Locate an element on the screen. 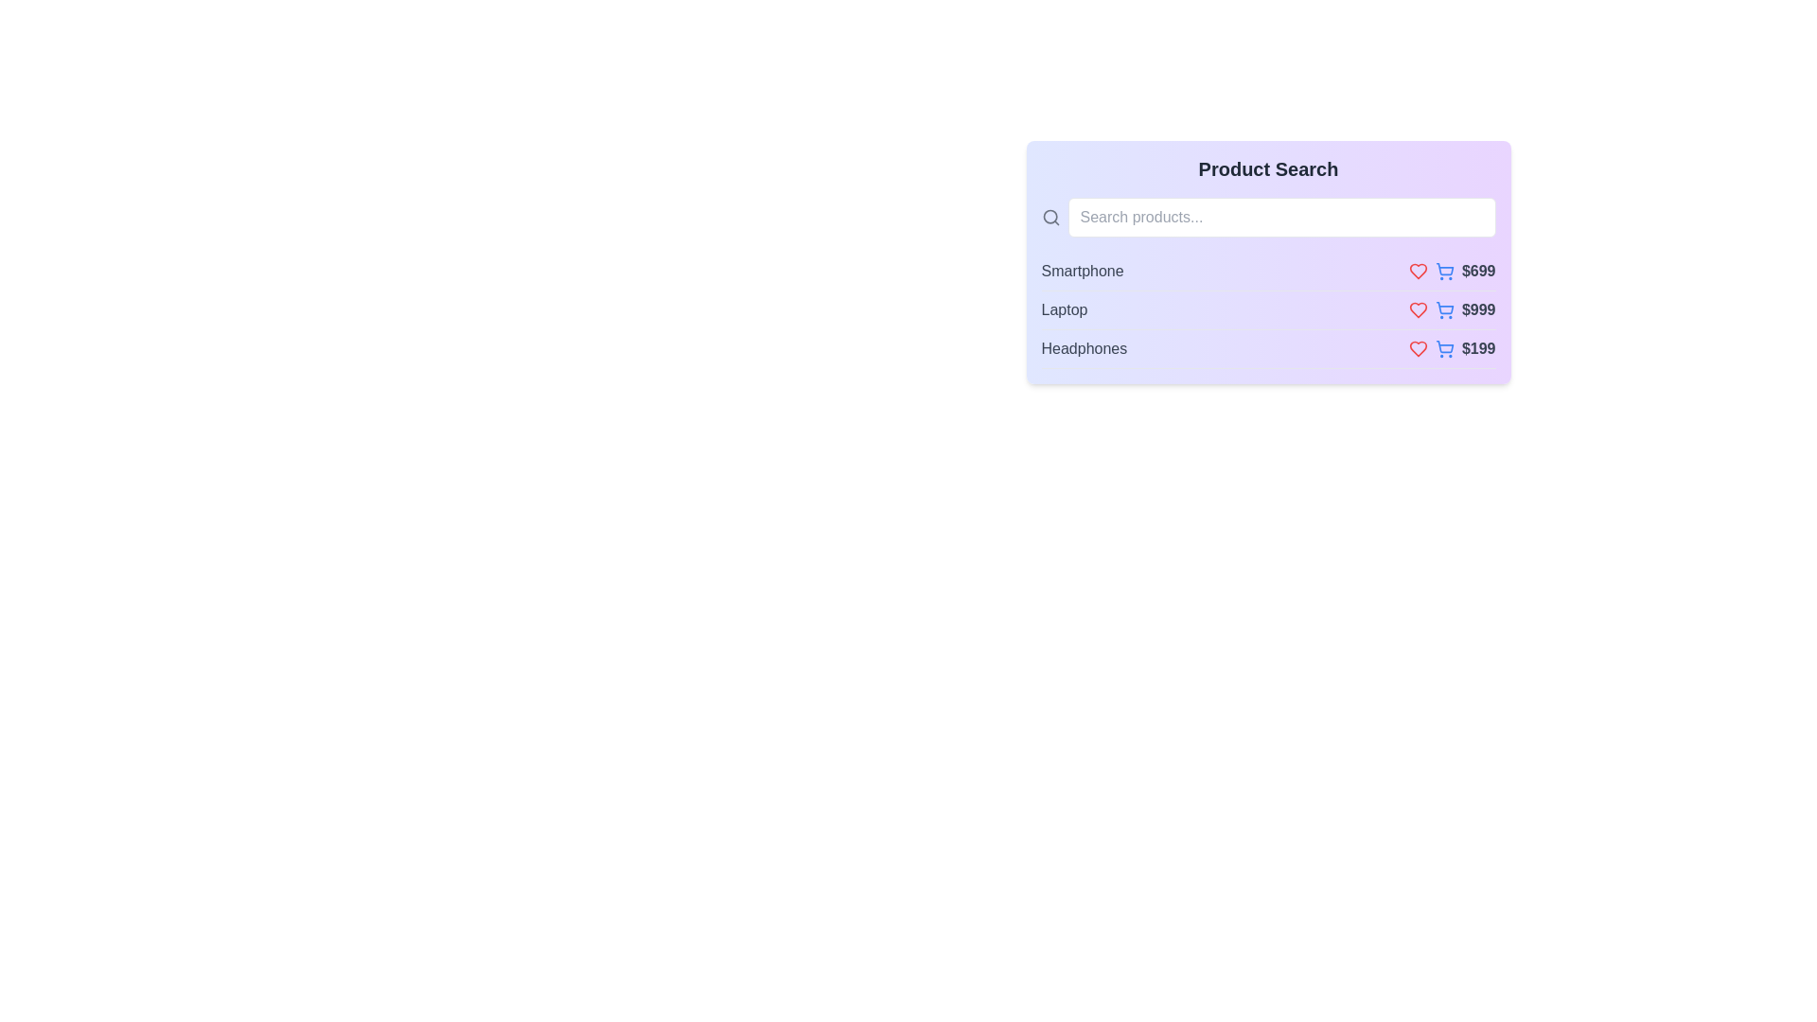 Image resolution: width=1817 pixels, height=1022 pixels. the circular magnifying glass icon with a gray outline, located on the left side of the search input field is located at coordinates (1050, 217).